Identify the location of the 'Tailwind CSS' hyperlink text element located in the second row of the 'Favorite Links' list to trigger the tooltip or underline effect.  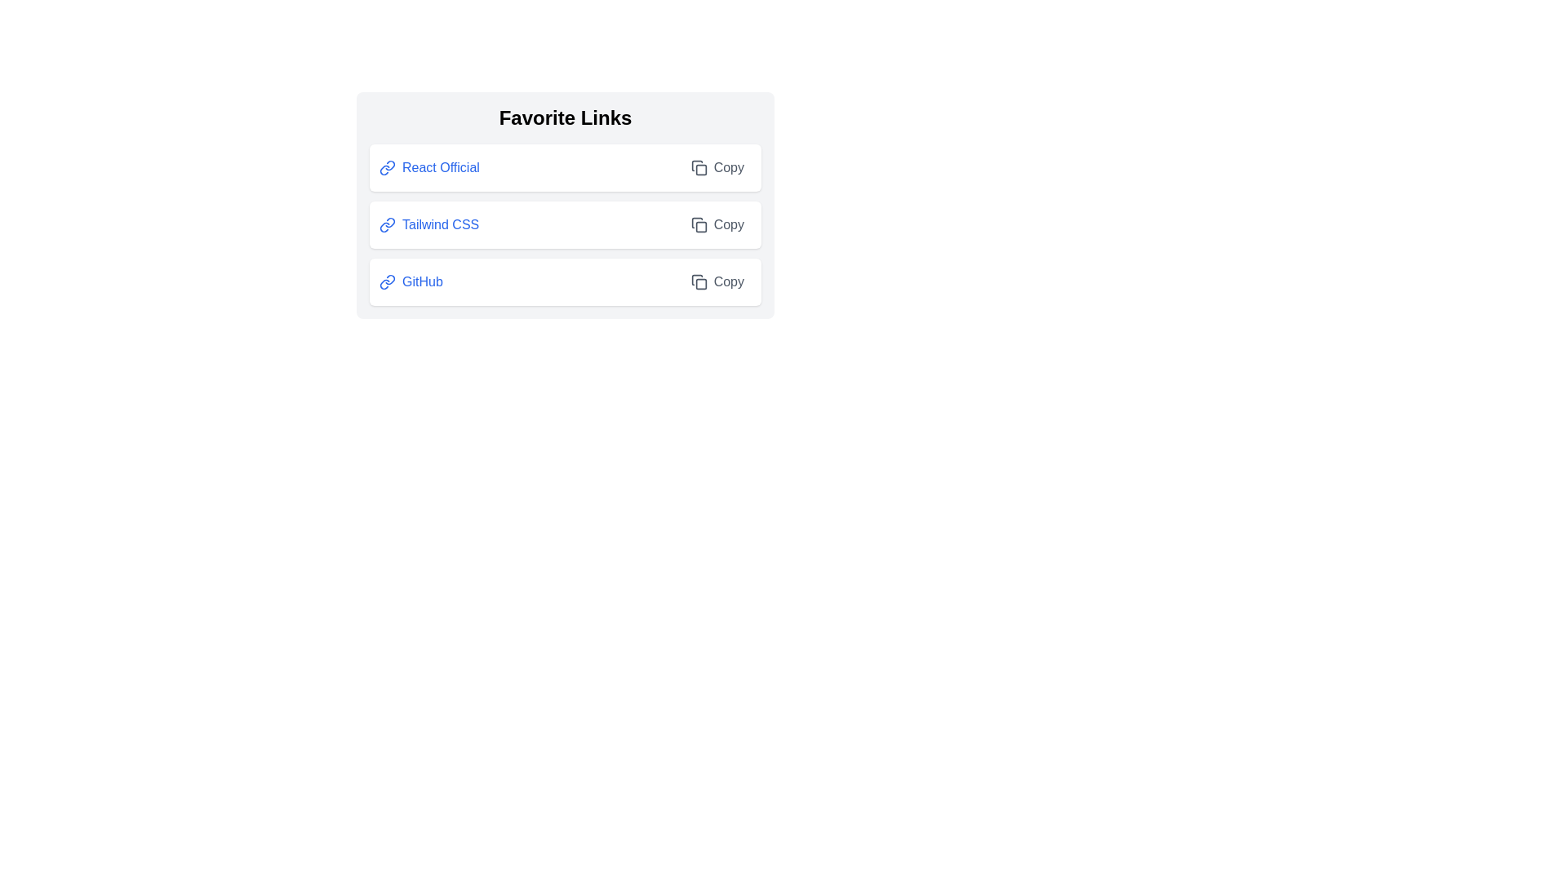
(441, 225).